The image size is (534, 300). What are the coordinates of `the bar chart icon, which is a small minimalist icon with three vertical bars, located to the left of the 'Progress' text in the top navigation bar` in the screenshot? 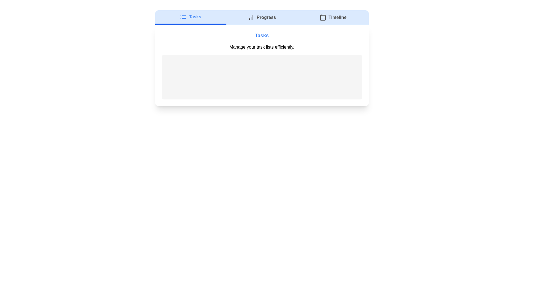 It's located at (251, 17).